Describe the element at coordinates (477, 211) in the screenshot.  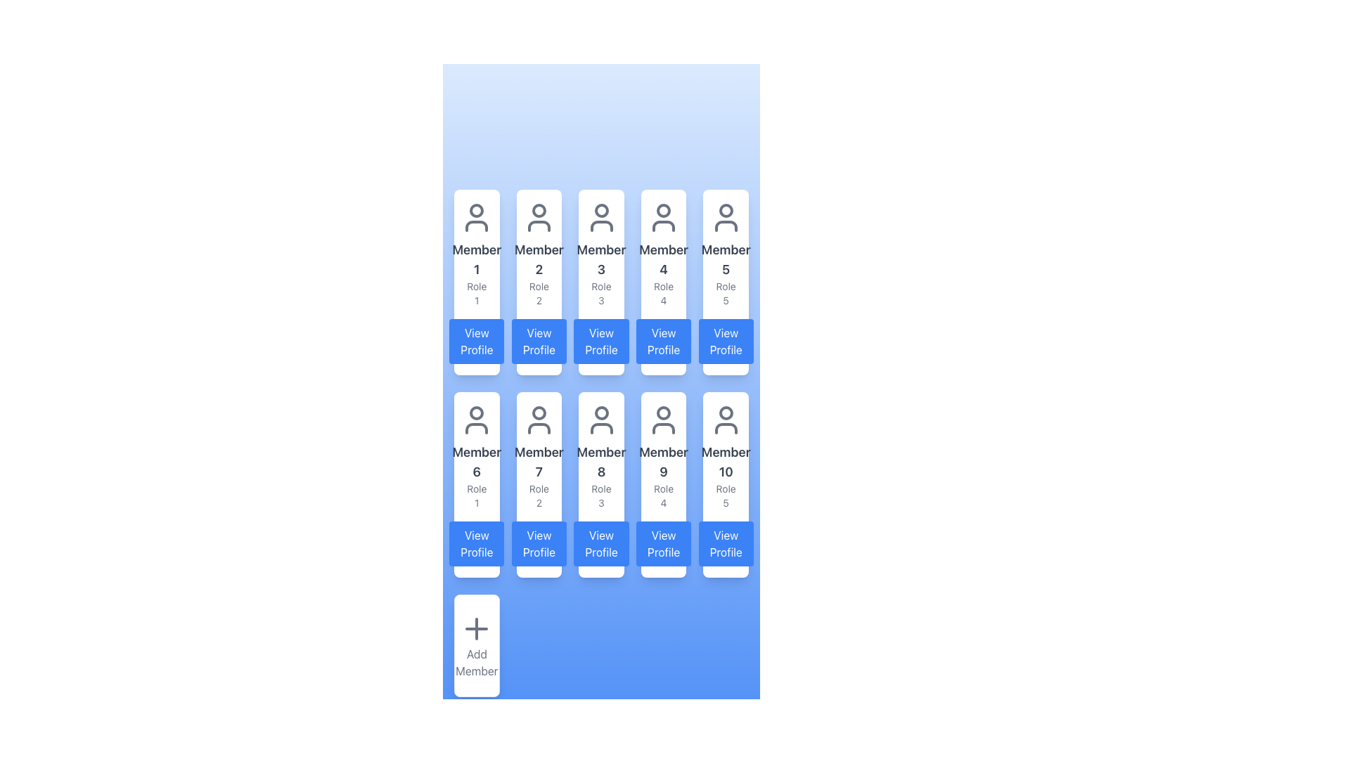
I see `the graphical head icon in the user profile for Member 1, located at the top-left corner of the member card, to execute related actions` at that location.